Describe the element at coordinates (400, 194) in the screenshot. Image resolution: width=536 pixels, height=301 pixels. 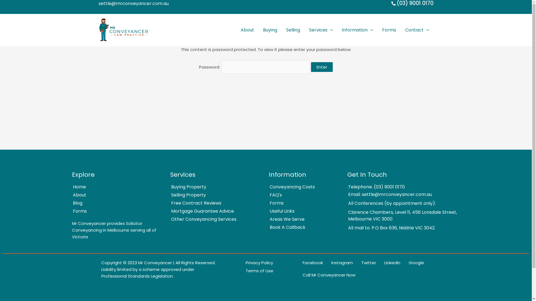
I see `'Email: settle@mrconveyancer.com.au'` at that location.